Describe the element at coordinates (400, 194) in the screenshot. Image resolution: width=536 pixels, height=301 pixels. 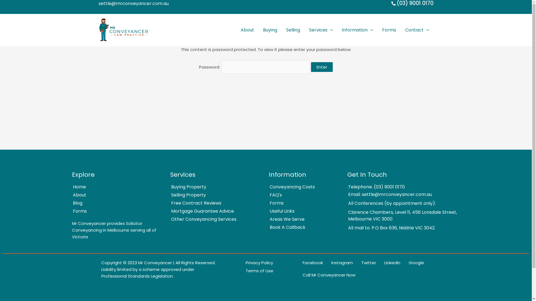
I see `'Email: settle@mrconveyancer.com.au'` at that location.